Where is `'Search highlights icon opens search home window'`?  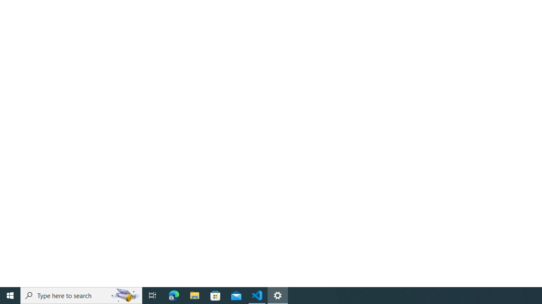 'Search highlights icon opens search home window' is located at coordinates (124, 295).